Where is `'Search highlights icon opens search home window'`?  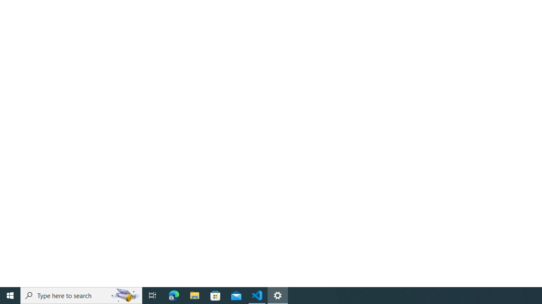 'Search highlights icon opens search home window' is located at coordinates (124, 295).